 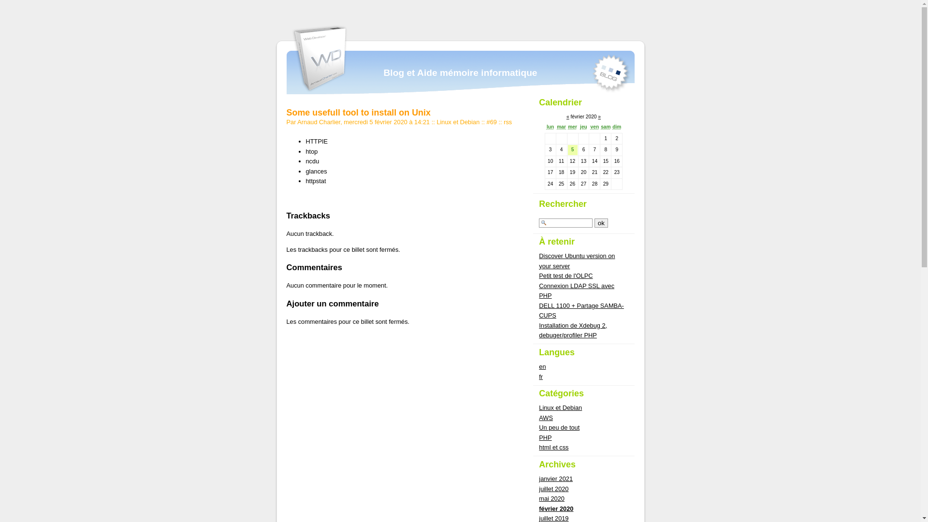 What do you see at coordinates (573, 330) in the screenshot?
I see `'Installation de Xdebug 2, debuger/profiler PHP'` at bounding box center [573, 330].